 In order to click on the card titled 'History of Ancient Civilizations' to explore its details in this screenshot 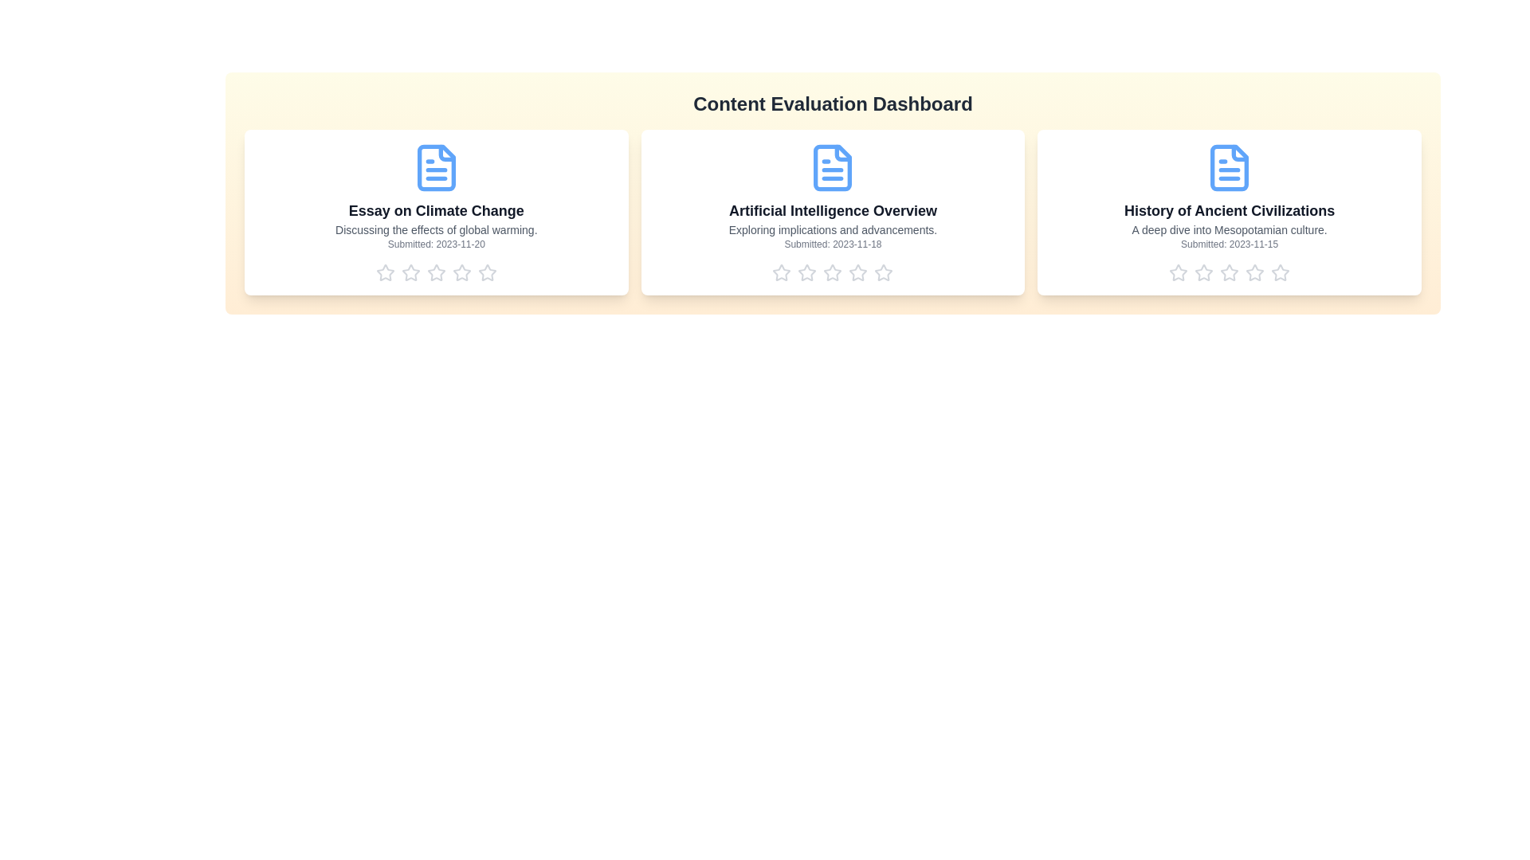, I will do `click(1229, 211)`.